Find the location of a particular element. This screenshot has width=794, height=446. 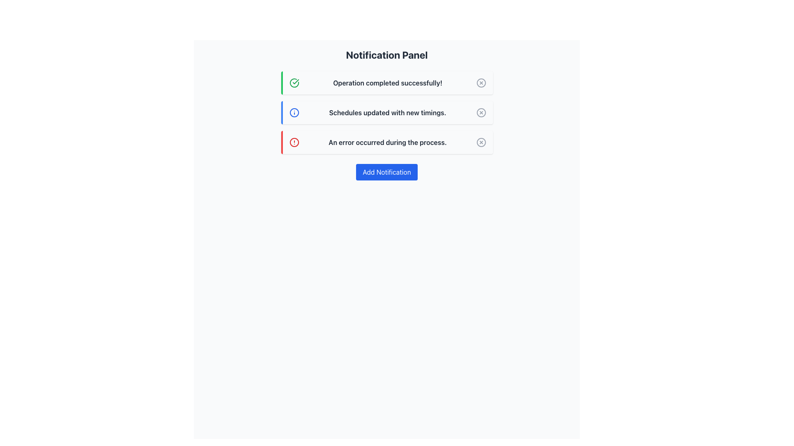

the circular graphical indicator in the second entry of the notification list, which is adjacent to the text 'Schedules updated with new timings.' is located at coordinates (294, 113).